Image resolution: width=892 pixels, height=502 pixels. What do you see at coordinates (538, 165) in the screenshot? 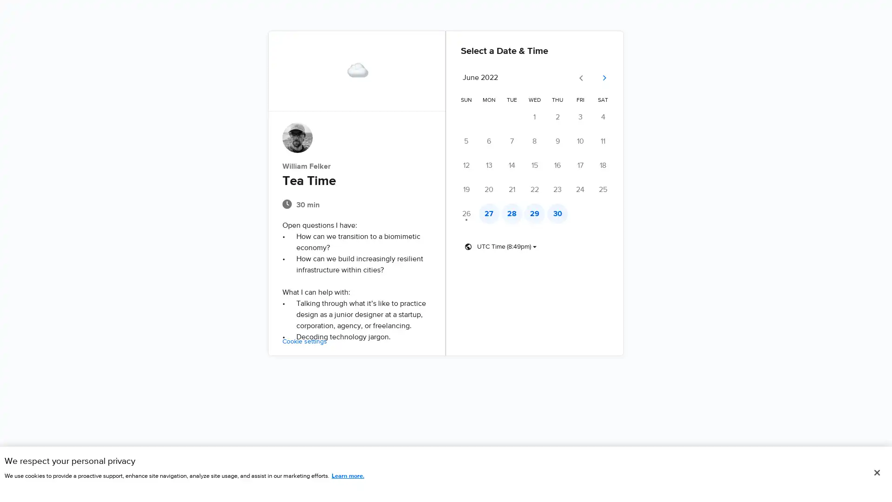
I see `Wednesday, June 15 - No times available` at bounding box center [538, 165].